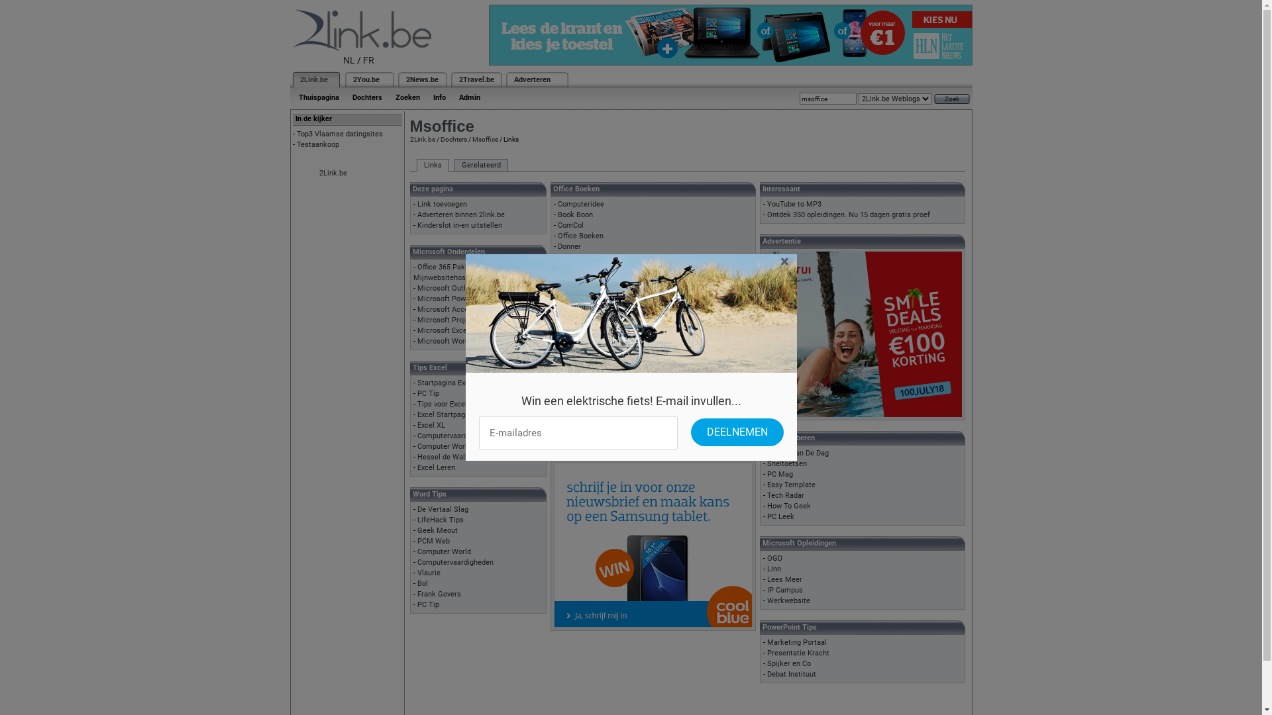 This screenshot has height=715, width=1272. What do you see at coordinates (774, 568) in the screenshot?
I see `'Linn'` at bounding box center [774, 568].